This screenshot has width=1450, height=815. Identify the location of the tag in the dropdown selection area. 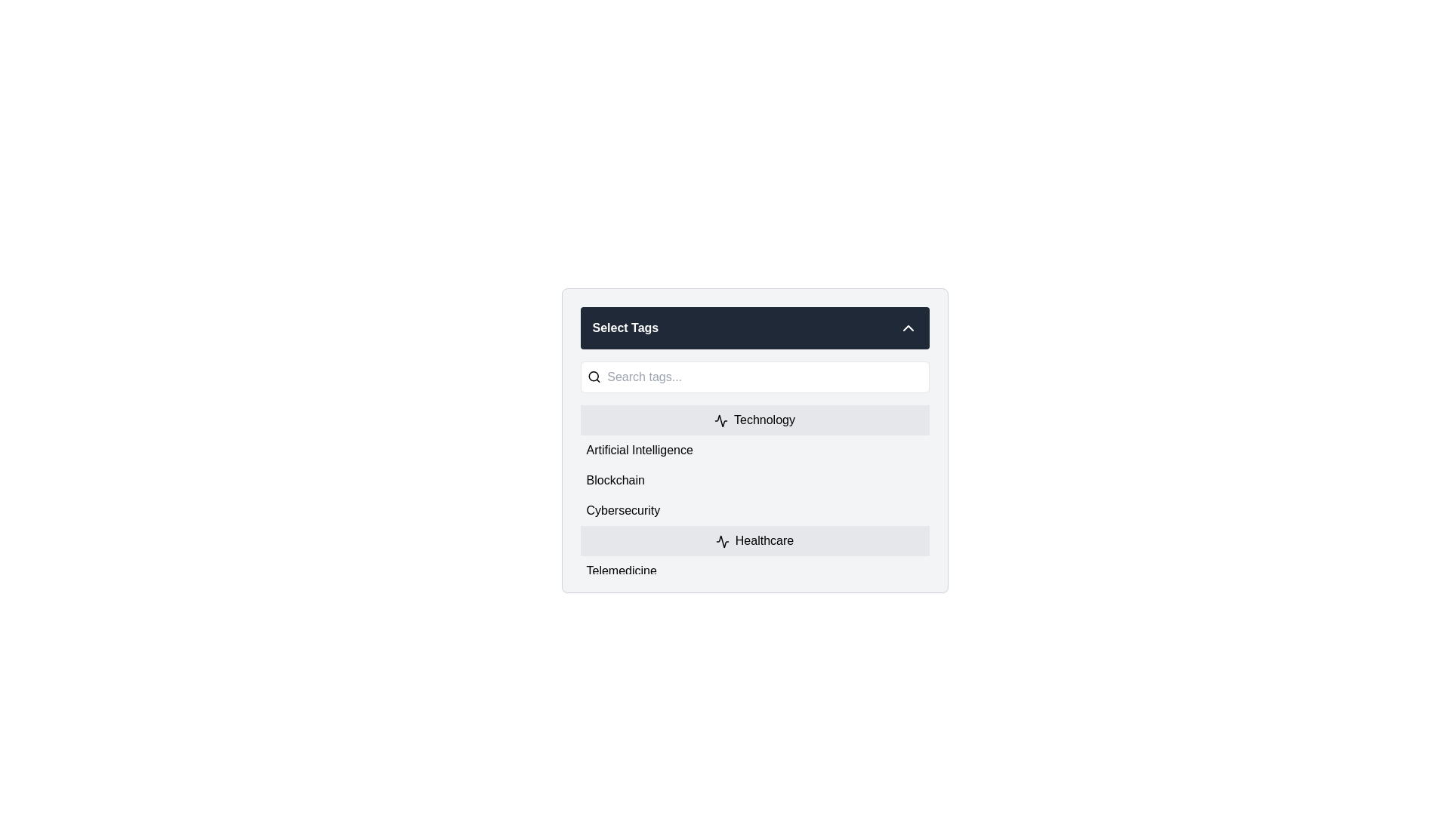
(754, 440).